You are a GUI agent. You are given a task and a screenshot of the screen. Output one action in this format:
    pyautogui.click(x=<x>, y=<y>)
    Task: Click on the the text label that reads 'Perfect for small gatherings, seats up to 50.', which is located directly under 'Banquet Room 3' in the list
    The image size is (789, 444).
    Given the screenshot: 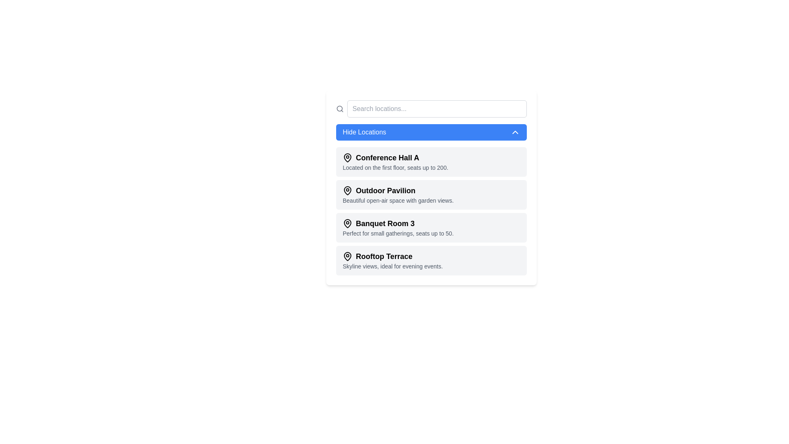 What is the action you would take?
    pyautogui.click(x=398, y=233)
    